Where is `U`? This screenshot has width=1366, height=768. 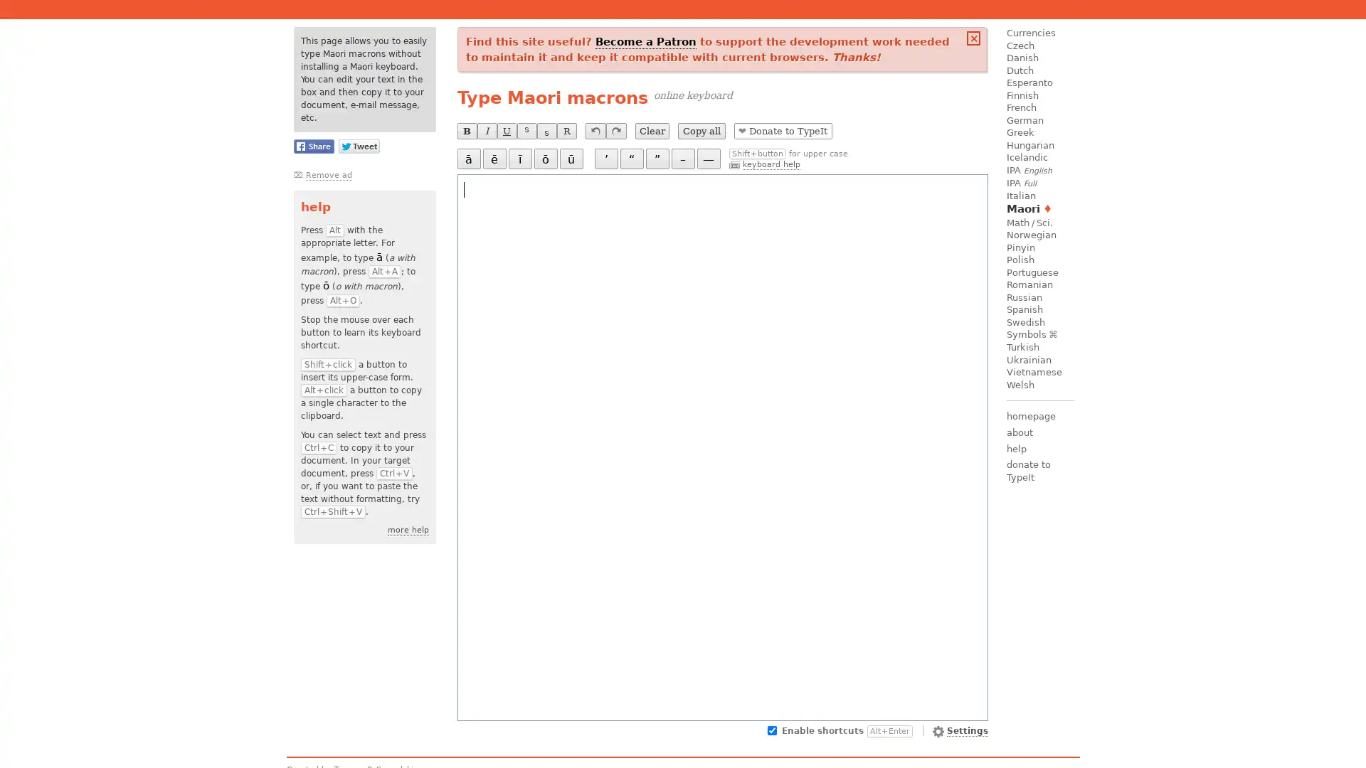 U is located at coordinates (506, 131).